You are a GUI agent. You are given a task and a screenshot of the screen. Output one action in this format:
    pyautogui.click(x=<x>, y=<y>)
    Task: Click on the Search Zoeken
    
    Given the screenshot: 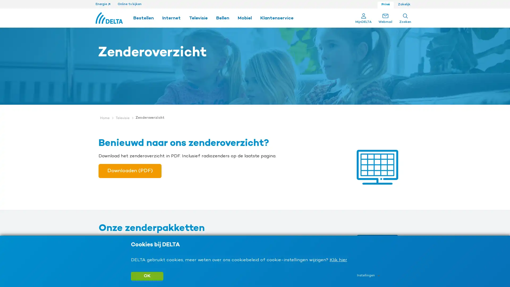 What is the action you would take?
    pyautogui.click(x=405, y=18)
    